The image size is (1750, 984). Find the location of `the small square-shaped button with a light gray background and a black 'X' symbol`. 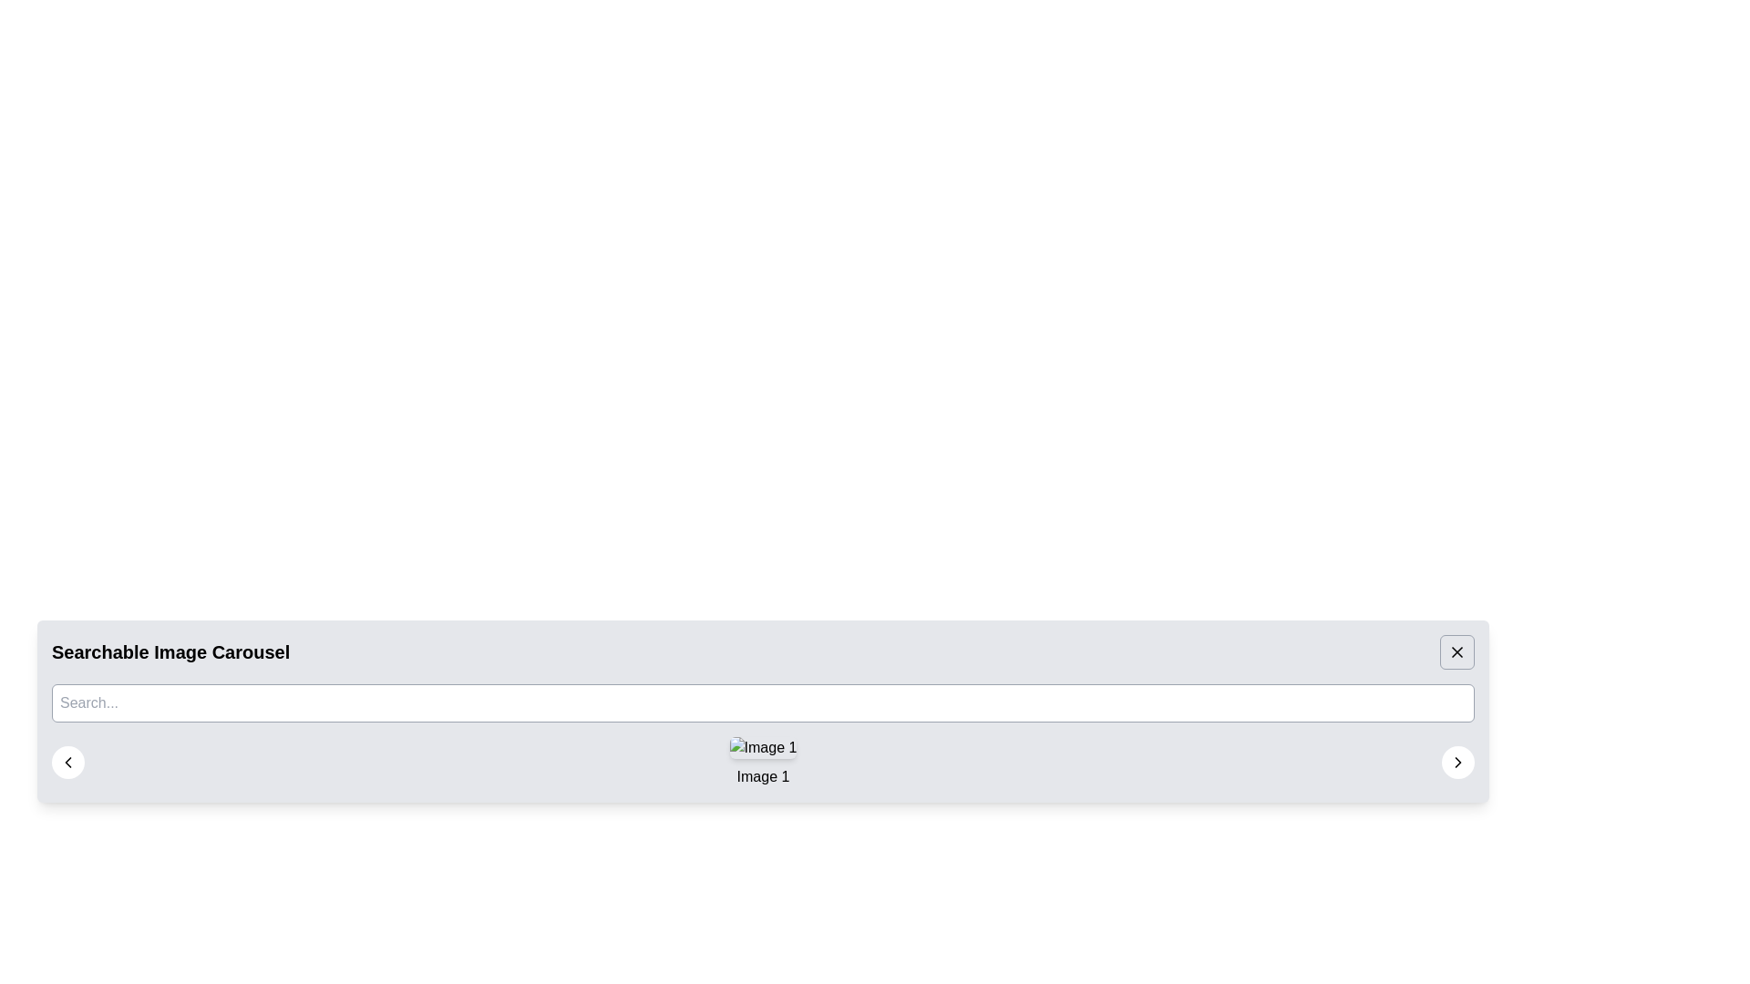

the small square-shaped button with a light gray background and a black 'X' symbol is located at coordinates (1456, 651).